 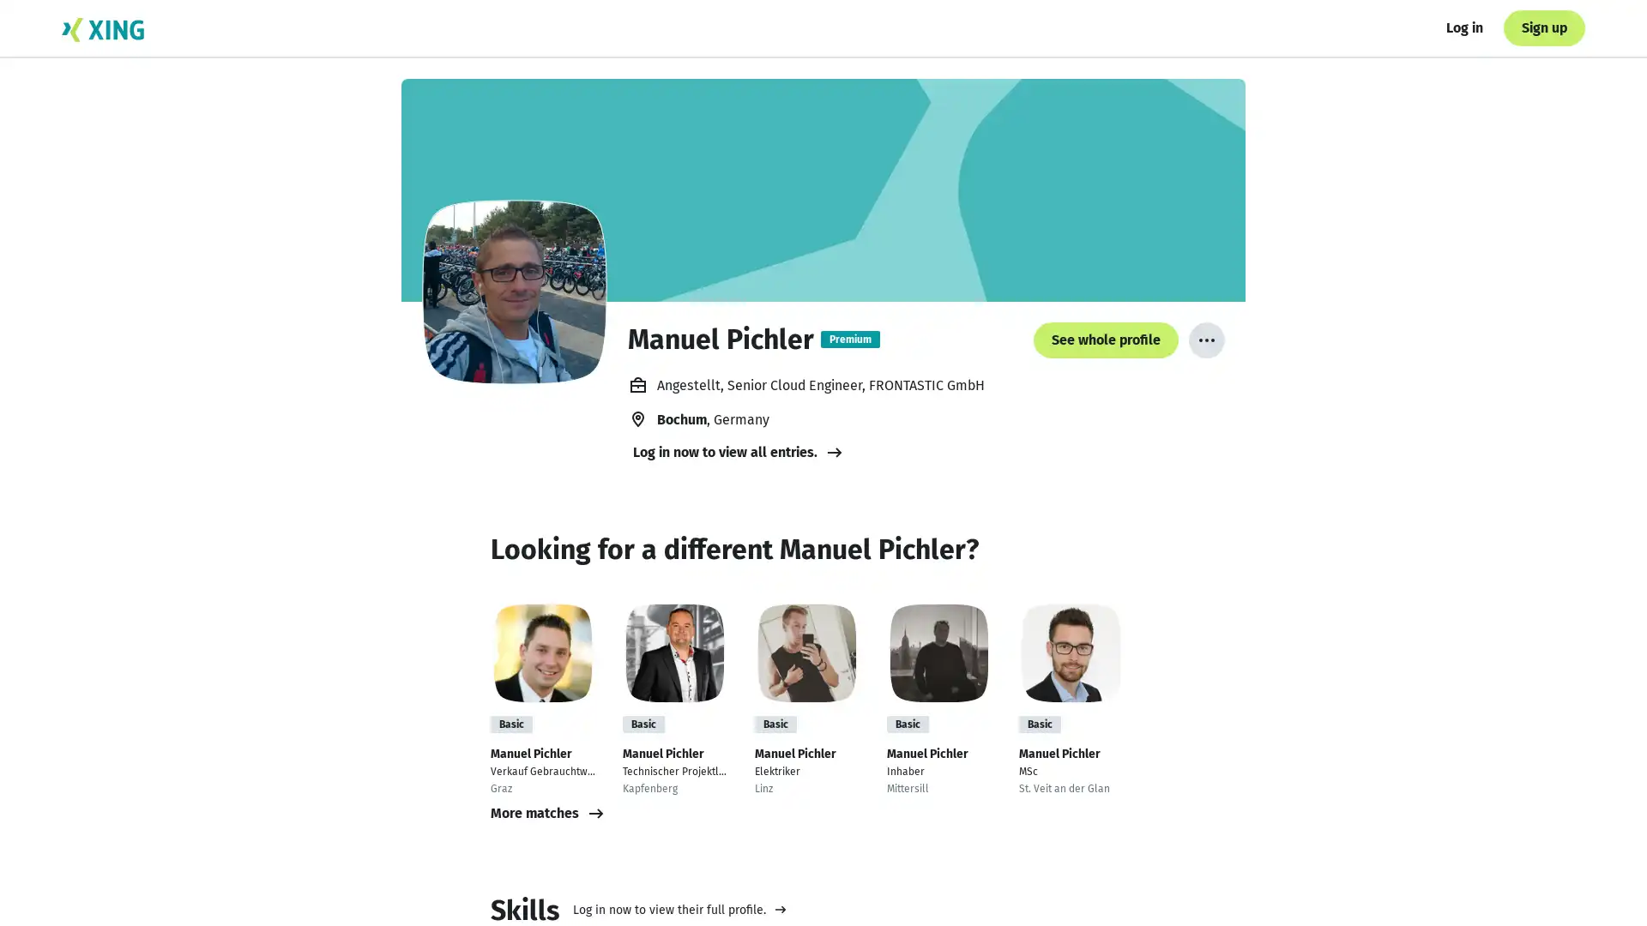 I want to click on See whole profile, so click(x=1106, y=340).